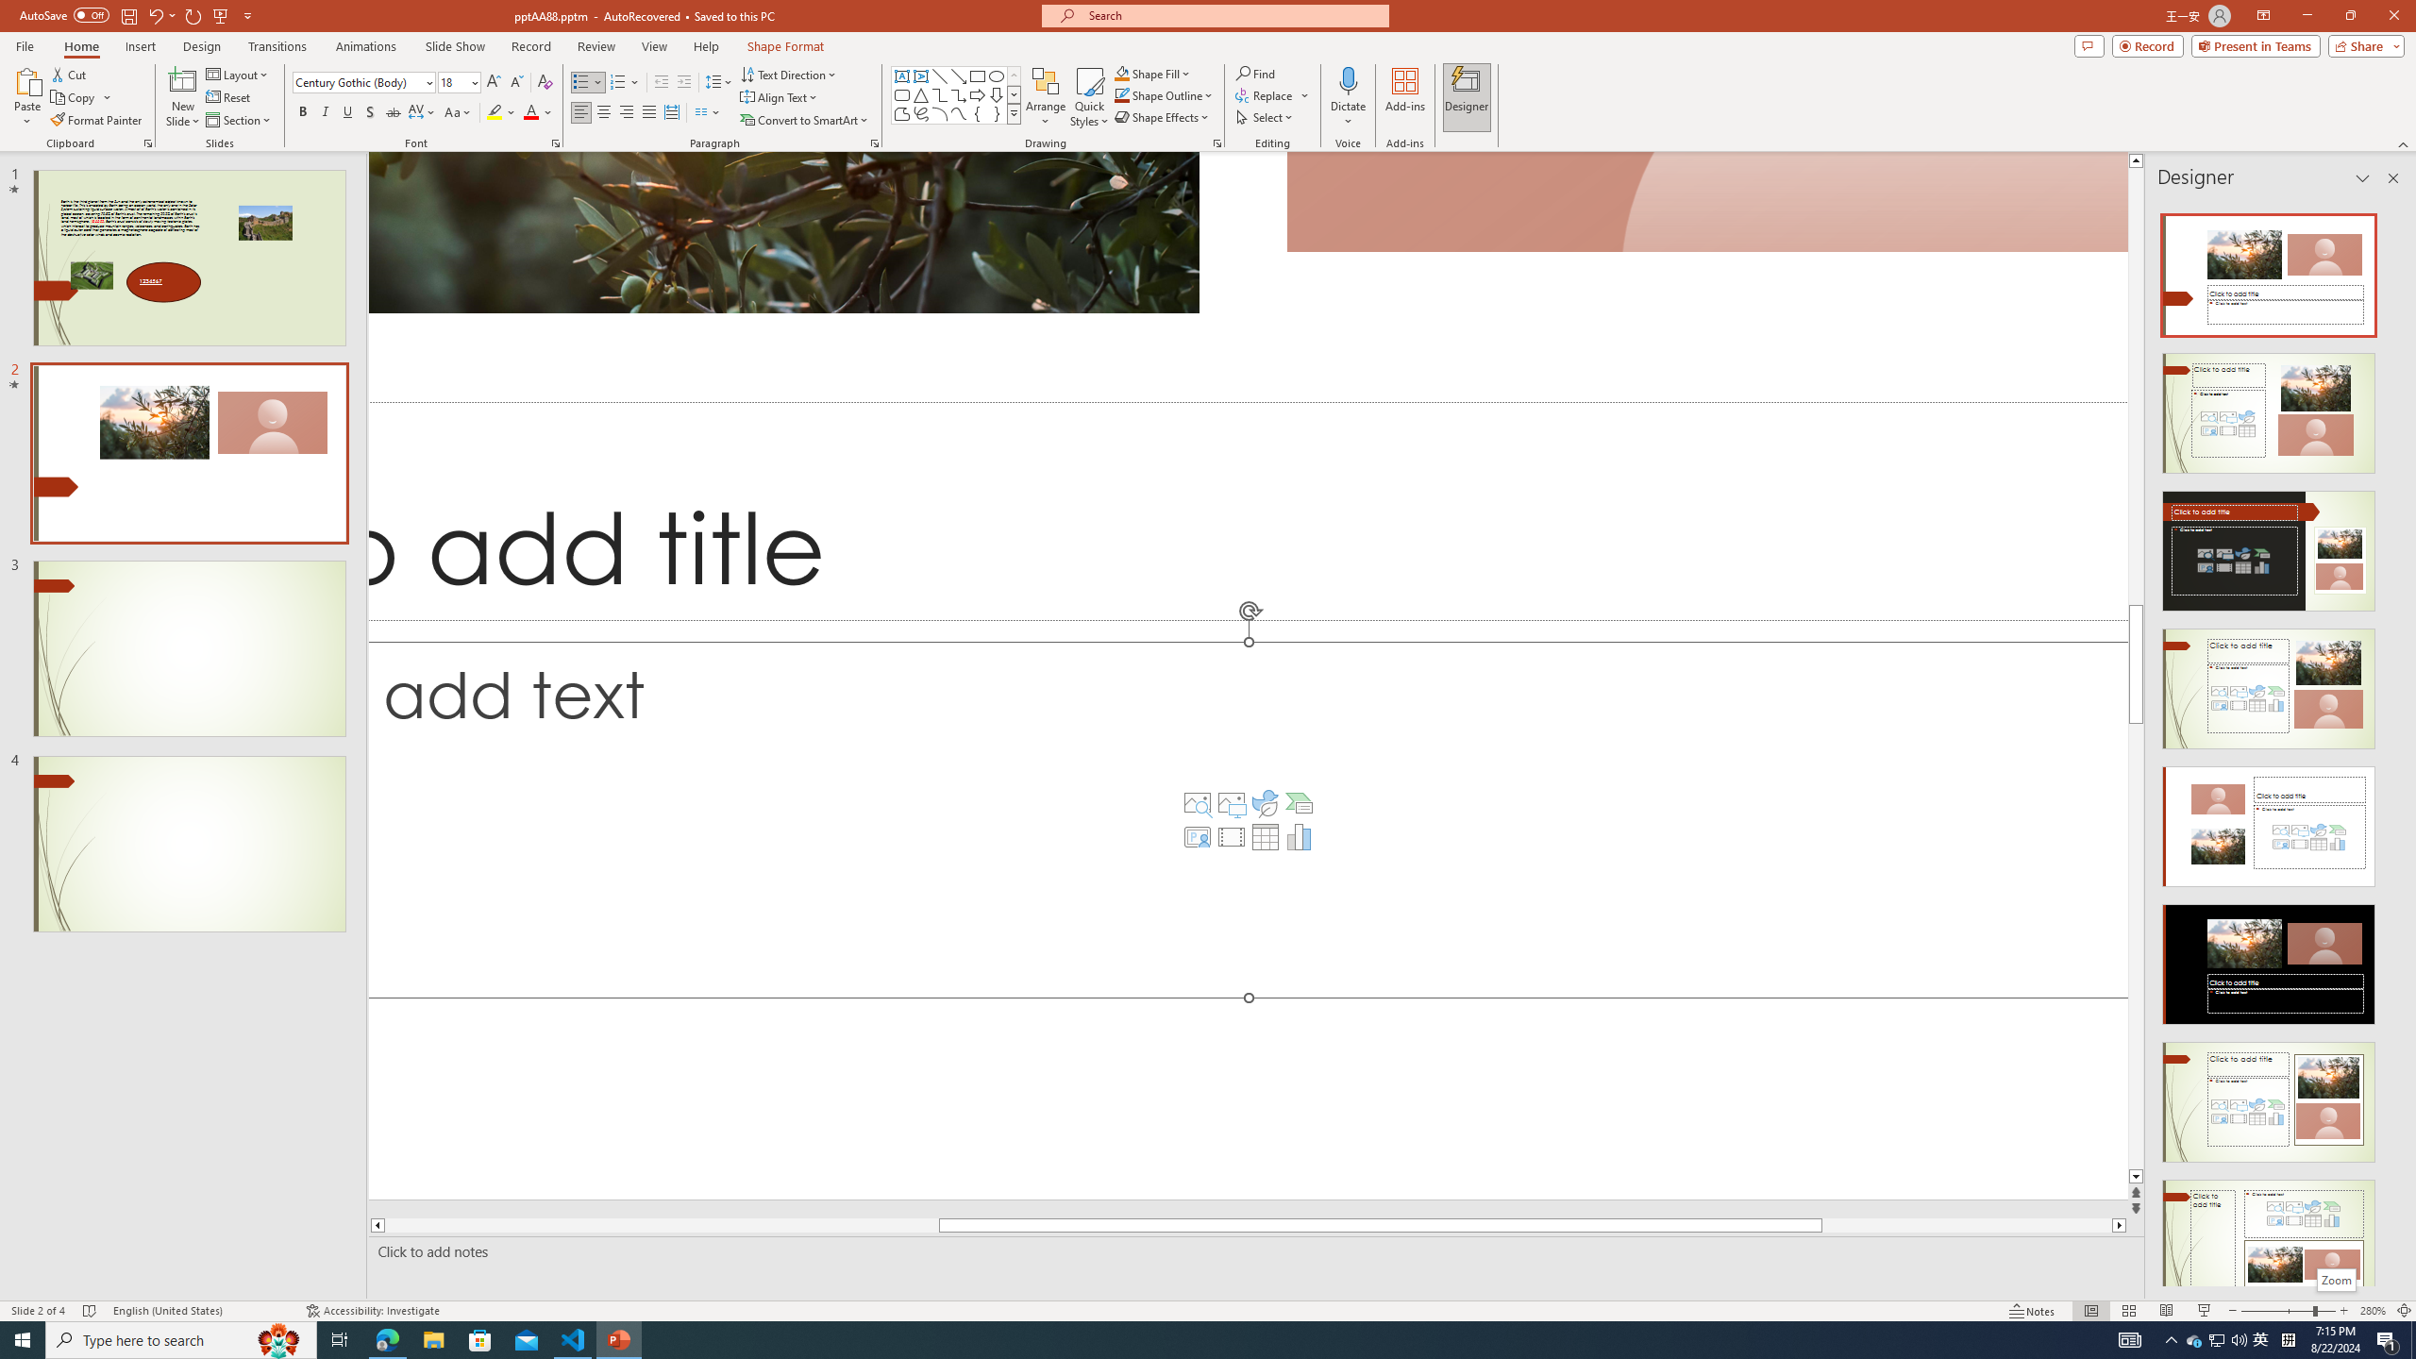  Describe the element at coordinates (346, 111) in the screenshot. I see `'Underline'` at that location.